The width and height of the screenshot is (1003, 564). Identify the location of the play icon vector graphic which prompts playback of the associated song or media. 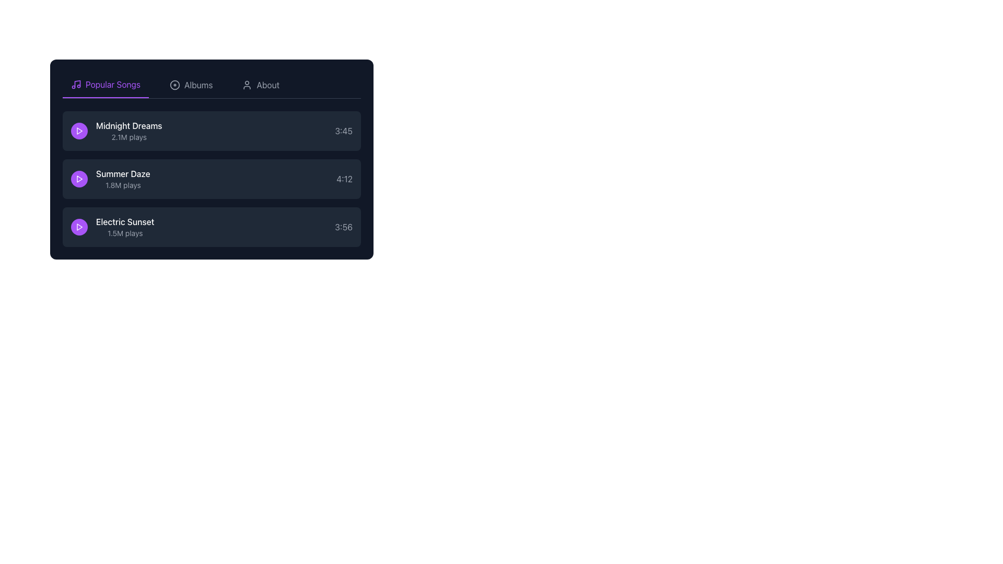
(79, 227).